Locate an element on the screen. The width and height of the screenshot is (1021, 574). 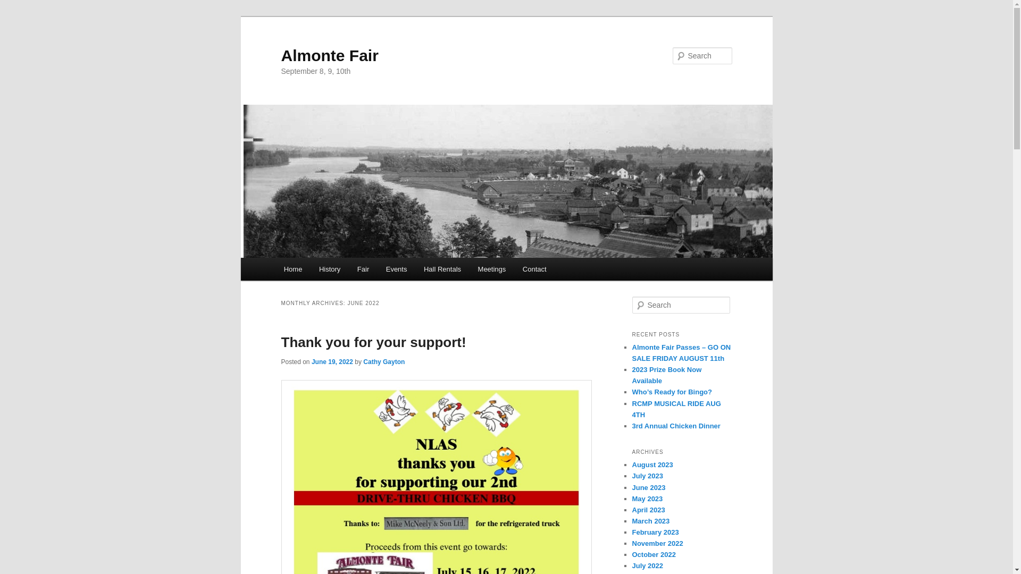
'March 2023' is located at coordinates (650, 520).